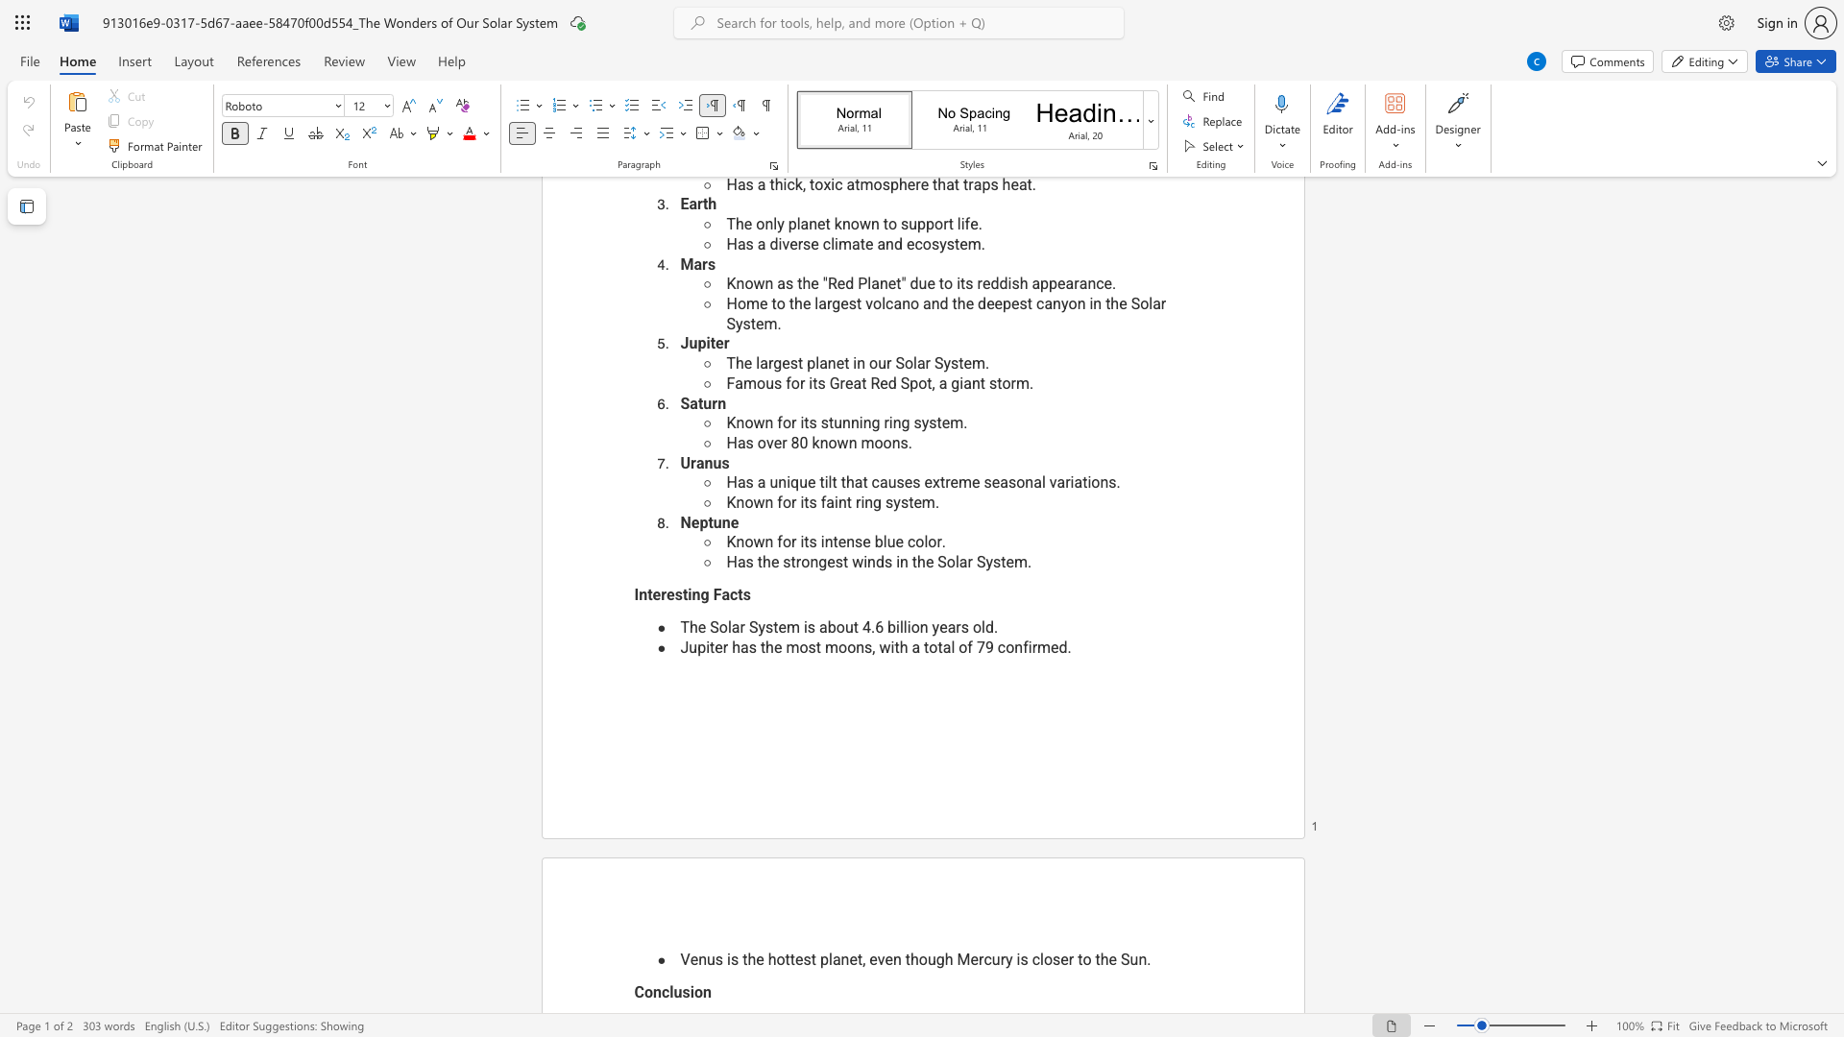  I want to click on the subset text "nteresting F" within the text "Interesting Facts", so click(639, 593).